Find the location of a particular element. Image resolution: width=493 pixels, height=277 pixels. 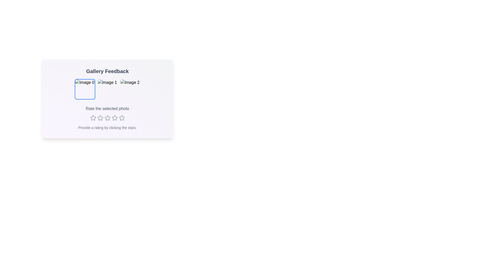

the star icons in the Rating widget located beneath the 'Gallery Feedback' header, allowing users to visually rate the content is located at coordinates (107, 118).